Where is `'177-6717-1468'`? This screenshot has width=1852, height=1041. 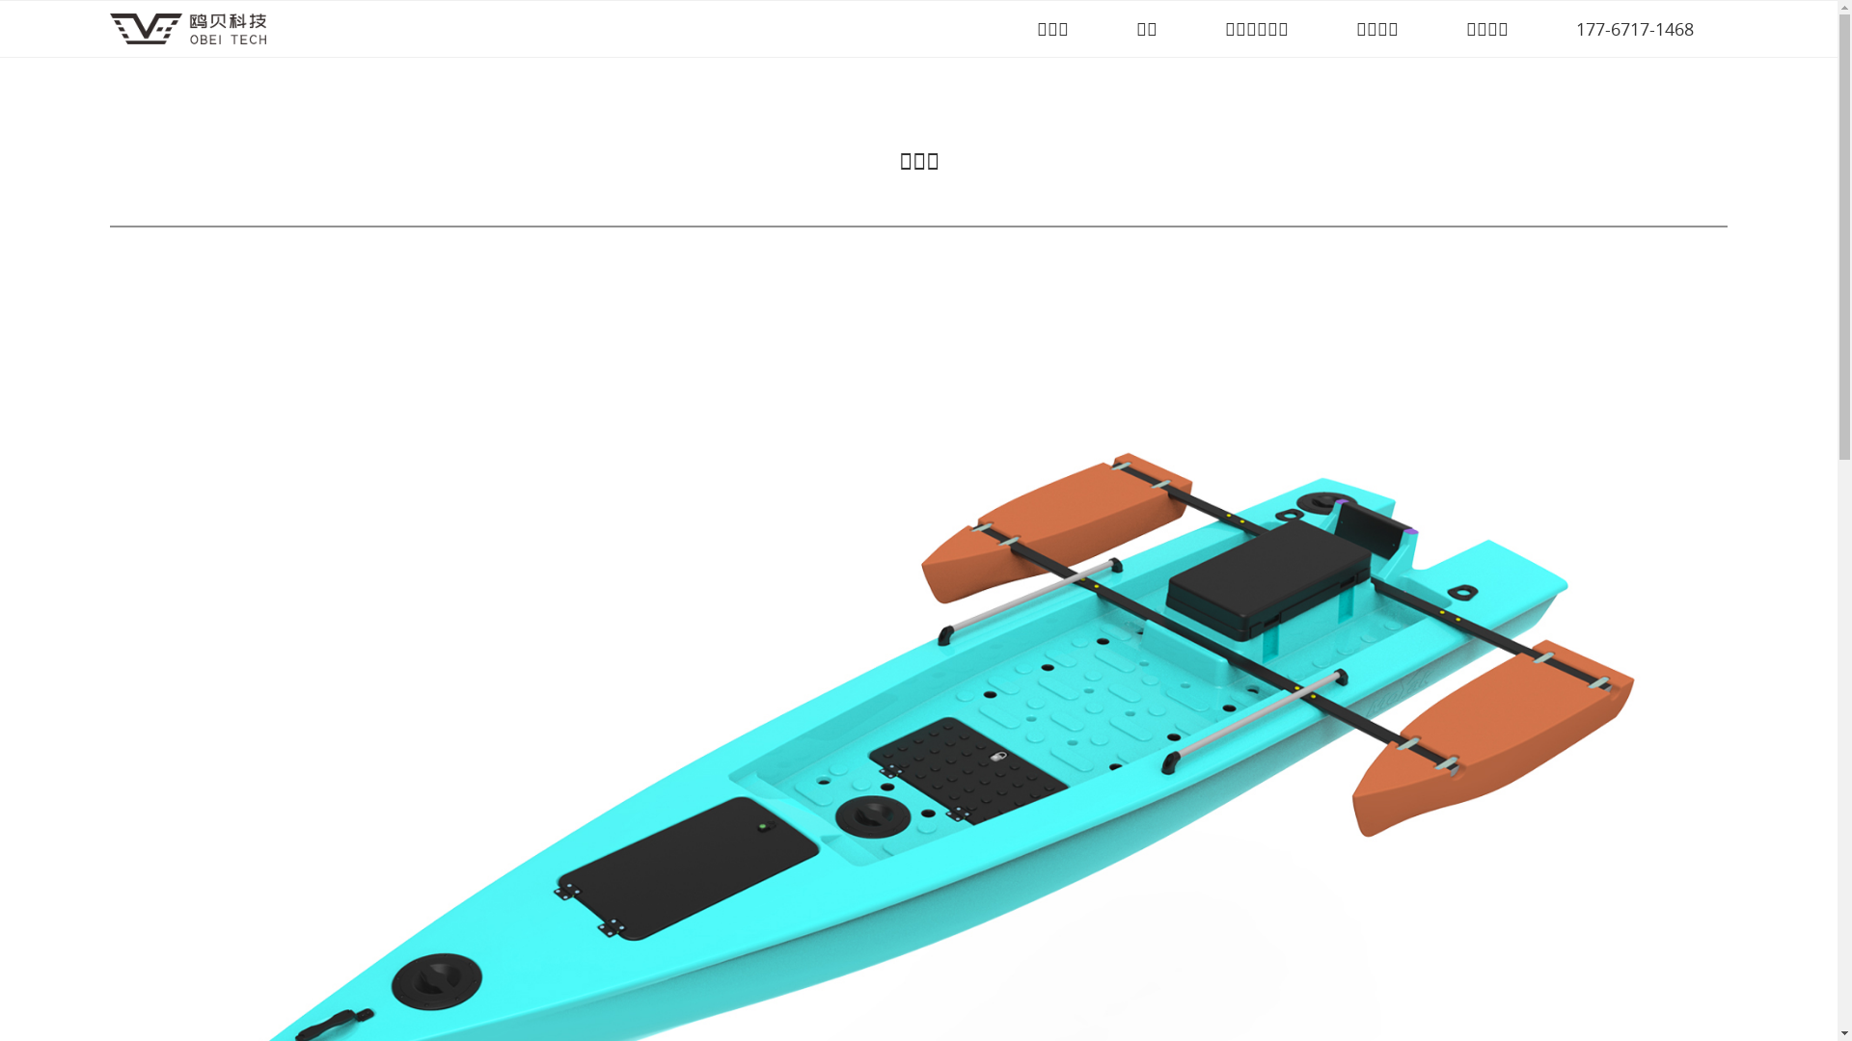
'177-6717-1468' is located at coordinates (1633, 29).